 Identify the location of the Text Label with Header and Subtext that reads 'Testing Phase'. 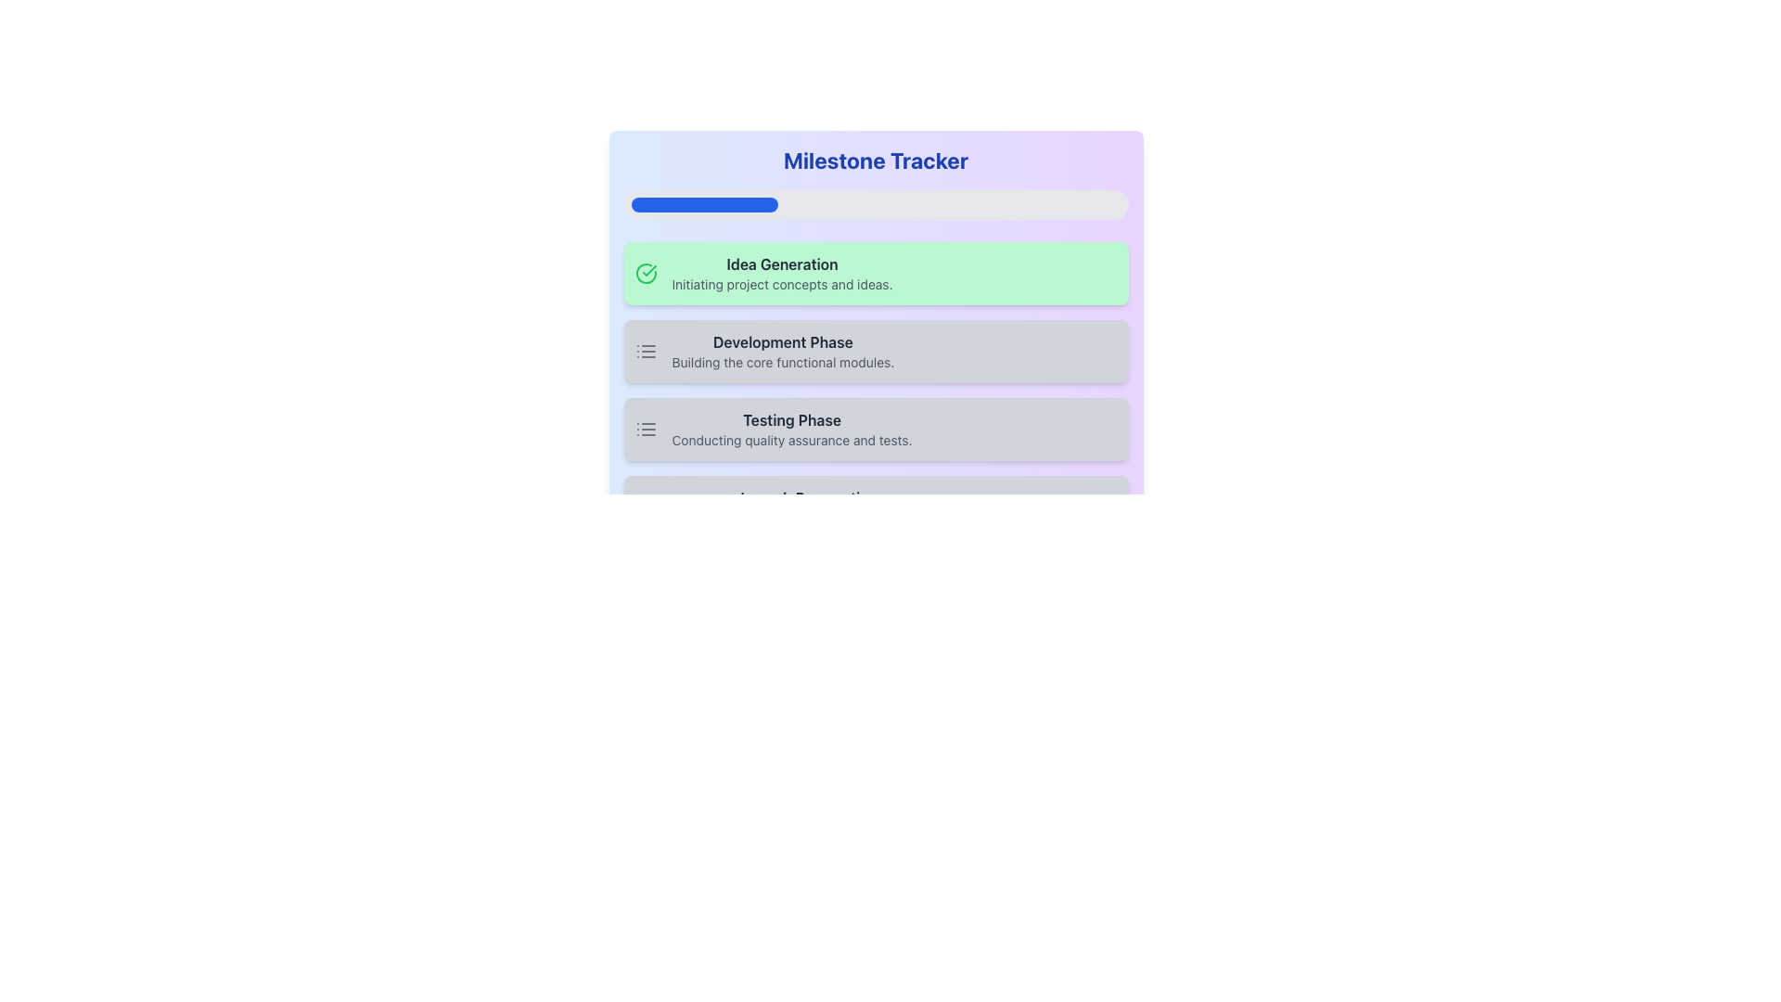
(792, 429).